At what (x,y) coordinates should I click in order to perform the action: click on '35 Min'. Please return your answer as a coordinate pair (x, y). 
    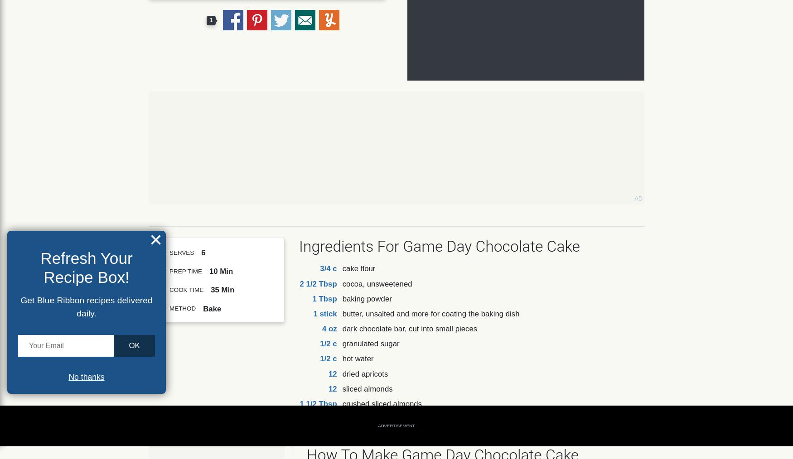
    Looking at the image, I should click on (222, 290).